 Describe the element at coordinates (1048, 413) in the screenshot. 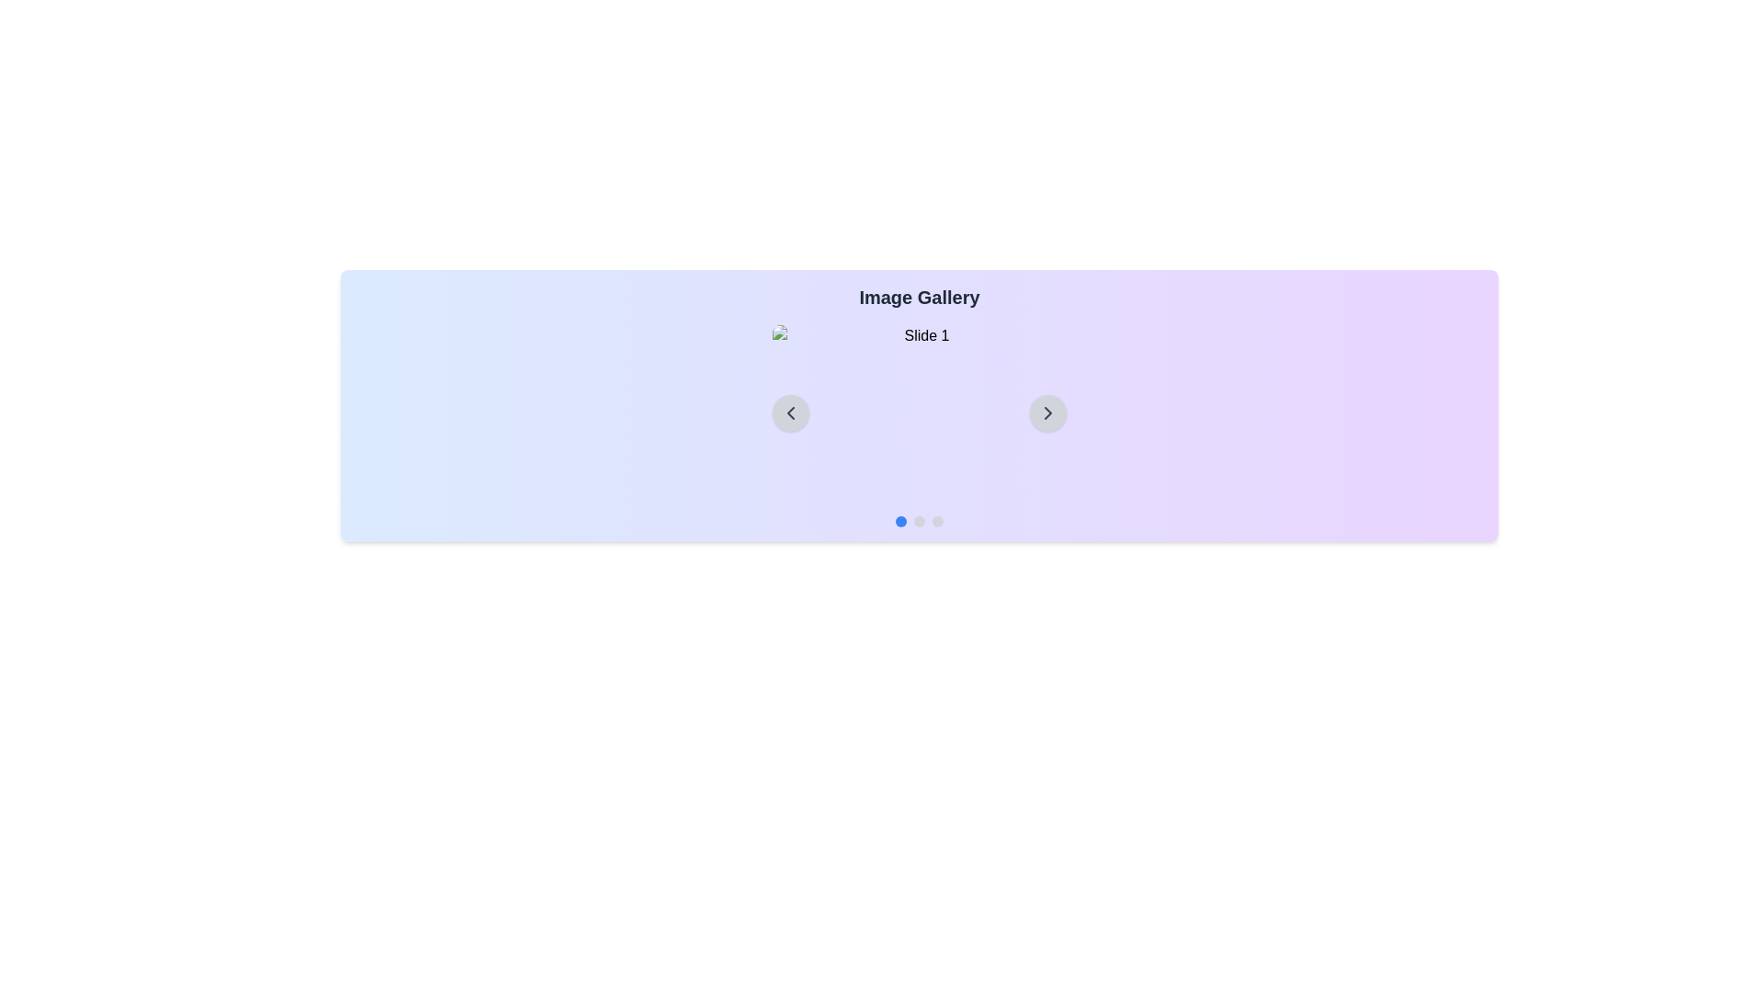

I see `'Next' button on the right side of the image gallery to navigate to the next image` at that location.